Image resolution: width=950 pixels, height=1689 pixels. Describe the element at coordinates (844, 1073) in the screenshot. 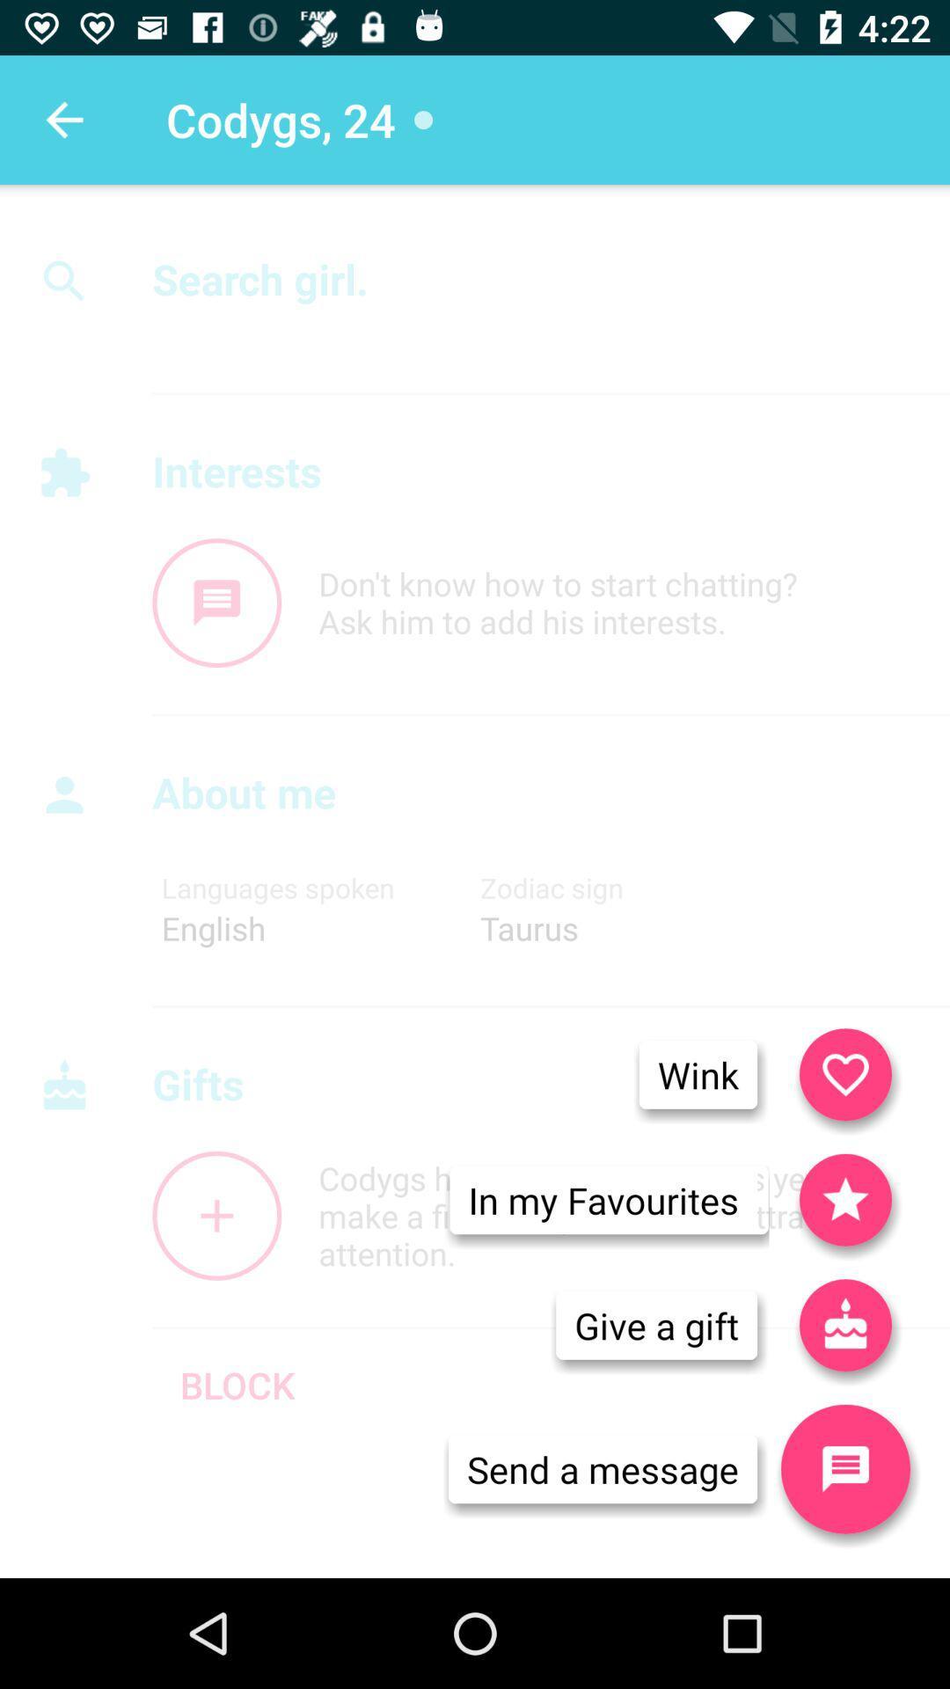

I see `the favorite icon` at that location.